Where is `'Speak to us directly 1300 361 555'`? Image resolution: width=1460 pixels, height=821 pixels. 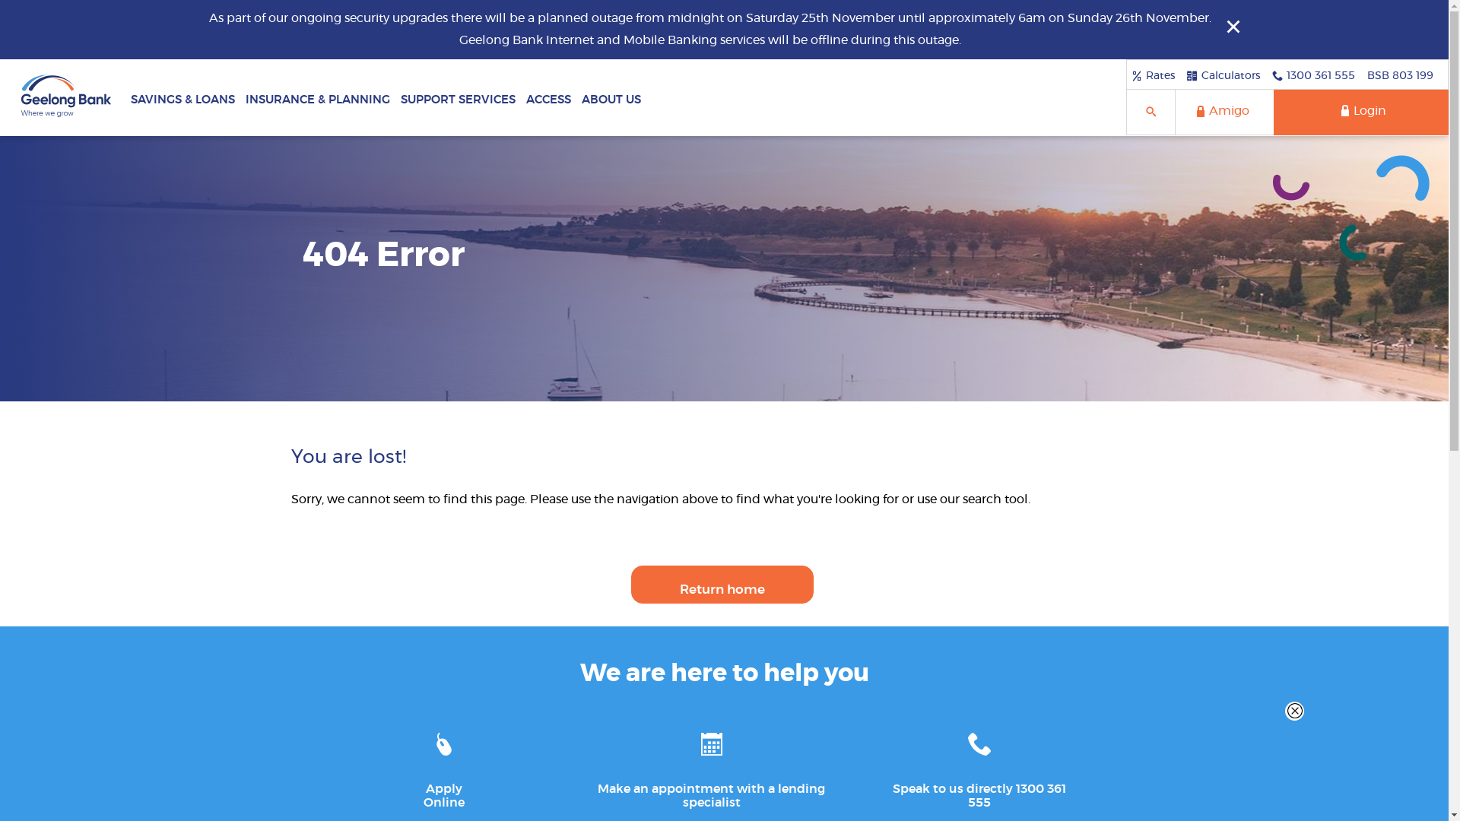 'Speak to us directly 1300 361 555' is located at coordinates (979, 765).